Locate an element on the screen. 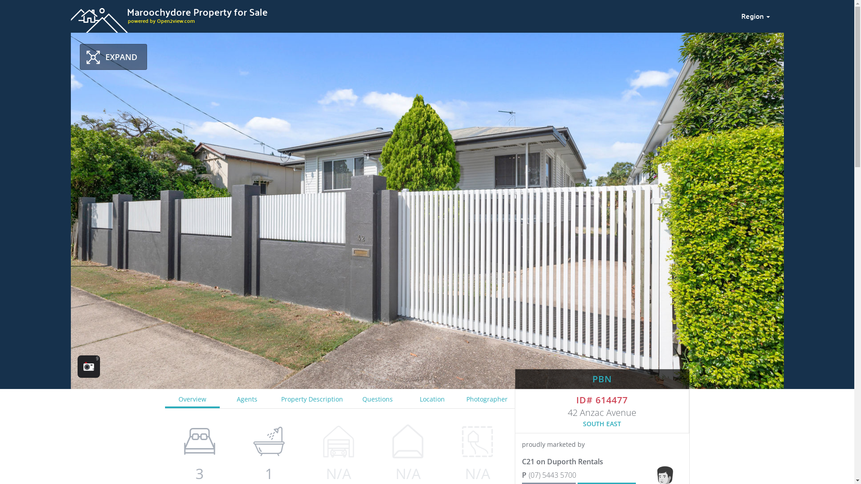 The image size is (861, 484). 'Questions' is located at coordinates (349, 398).